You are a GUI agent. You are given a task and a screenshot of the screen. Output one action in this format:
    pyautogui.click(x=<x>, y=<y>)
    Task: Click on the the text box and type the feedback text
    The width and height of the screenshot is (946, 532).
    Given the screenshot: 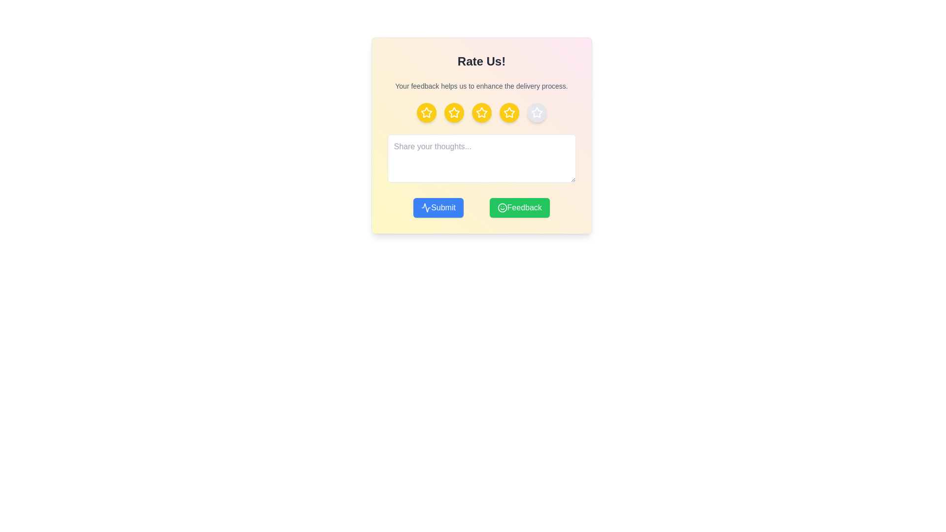 What is the action you would take?
    pyautogui.click(x=481, y=158)
    